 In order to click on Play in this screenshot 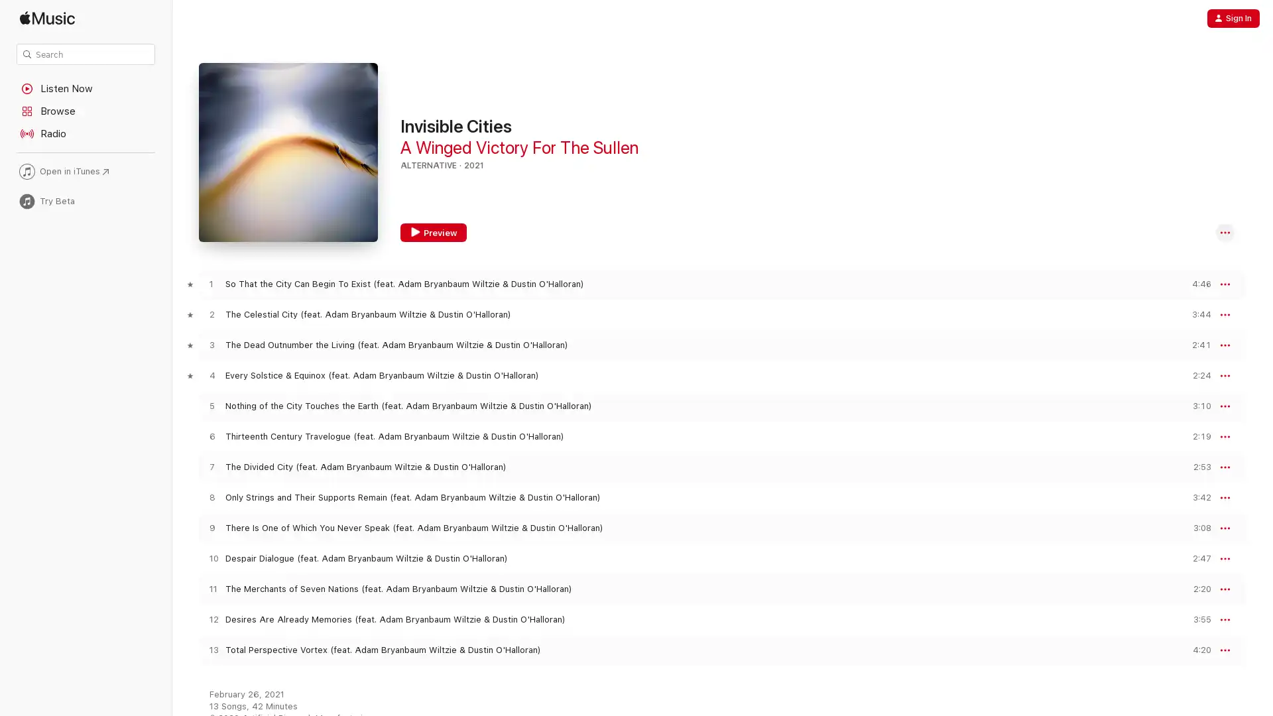, I will do `click(211, 344)`.